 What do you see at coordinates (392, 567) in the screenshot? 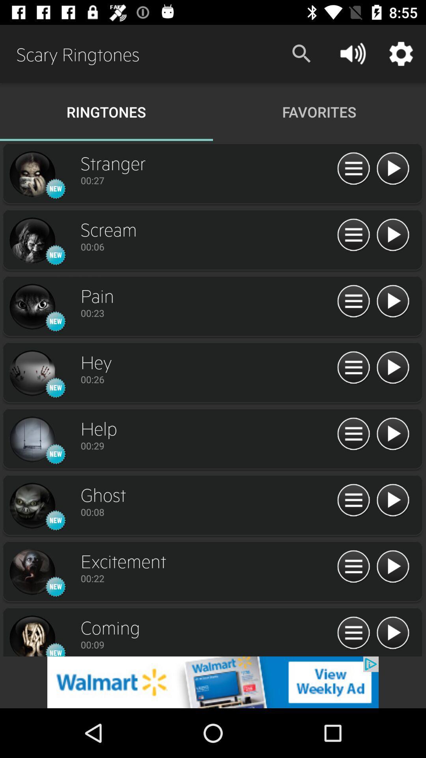
I see `patton` at bounding box center [392, 567].